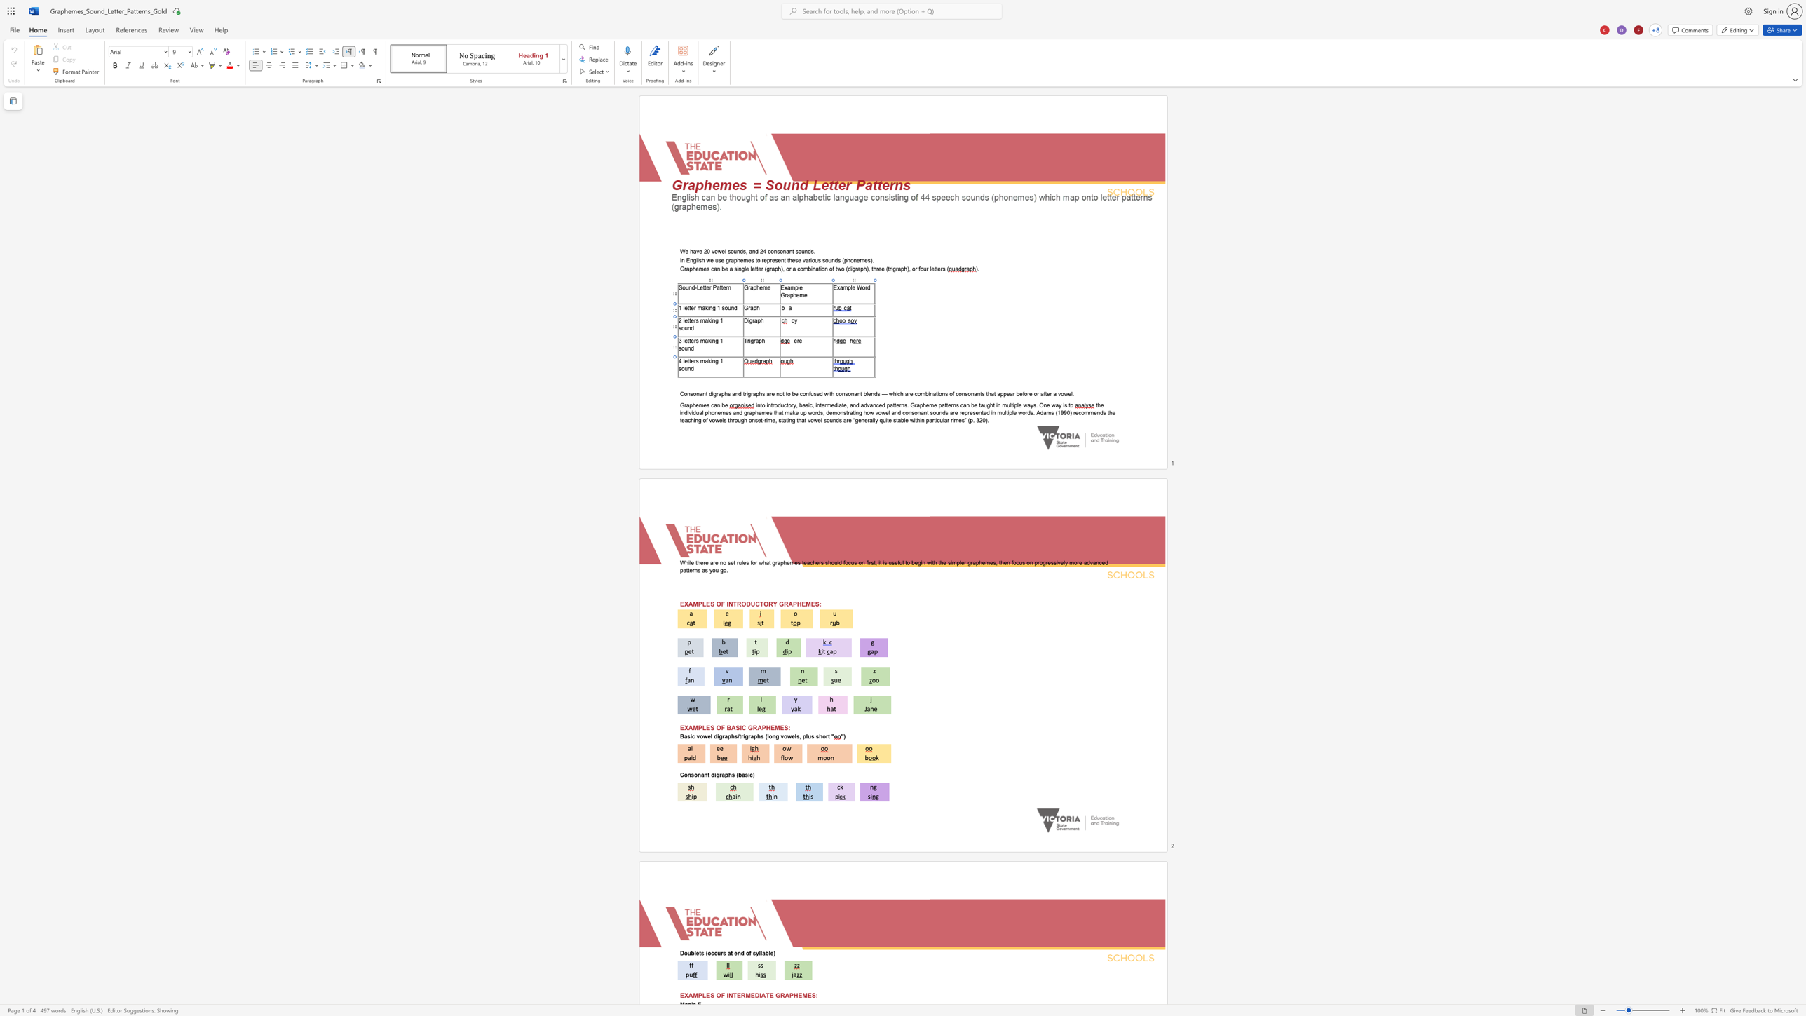 Image resolution: width=1806 pixels, height=1016 pixels. What do you see at coordinates (792, 604) in the screenshot?
I see `the space between the continuous character "A" and "P" in the text` at bounding box center [792, 604].